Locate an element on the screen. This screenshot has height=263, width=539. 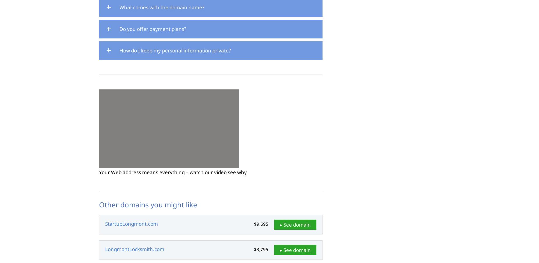
'StartupLongmont.com' is located at coordinates (131, 224).